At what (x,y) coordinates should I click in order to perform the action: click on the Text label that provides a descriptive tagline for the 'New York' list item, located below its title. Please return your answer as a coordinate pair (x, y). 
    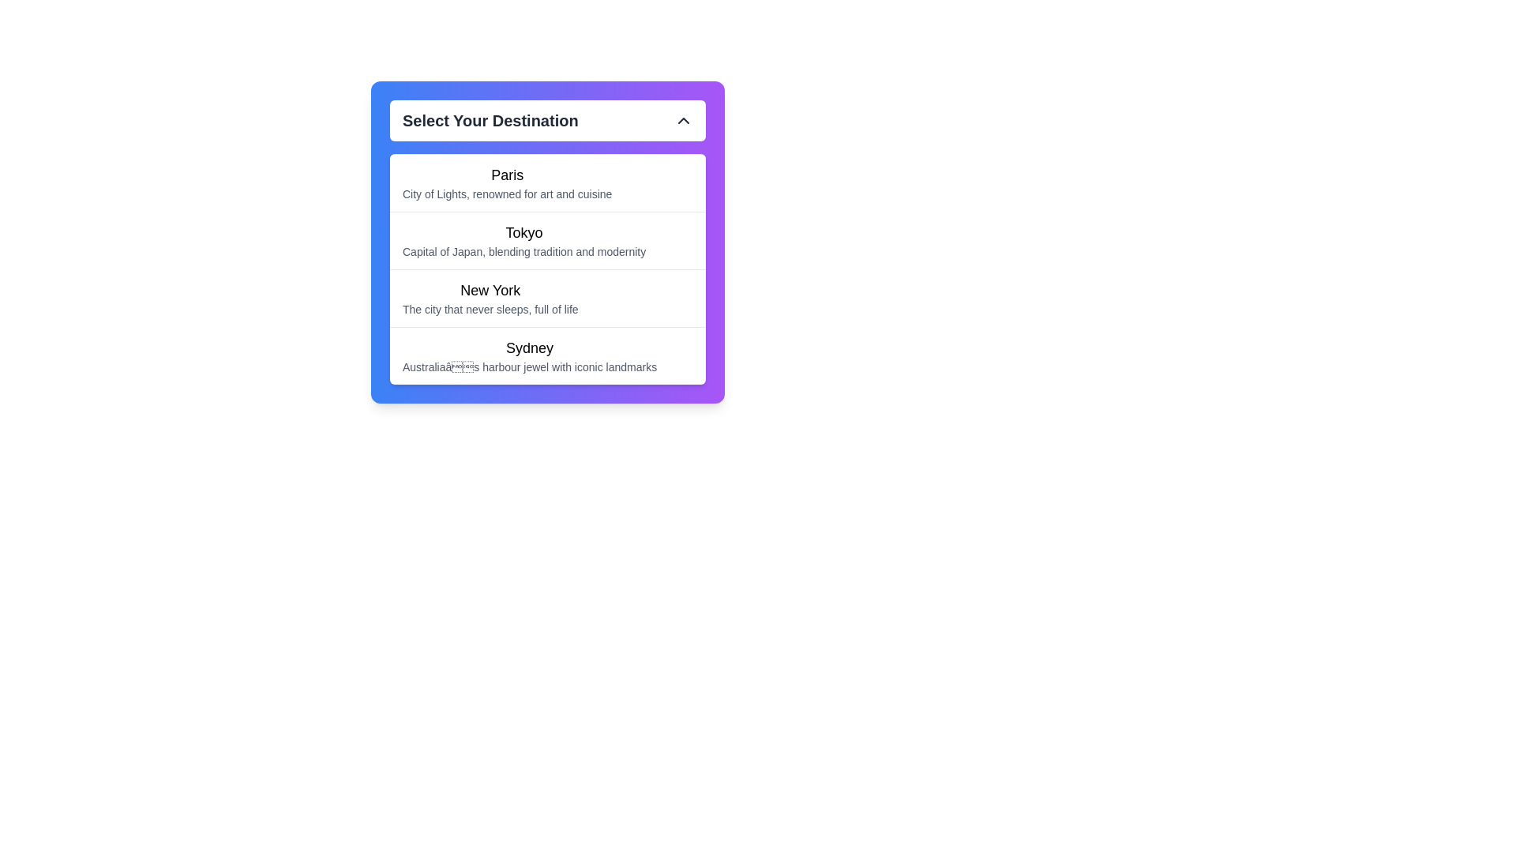
    Looking at the image, I should click on (490, 310).